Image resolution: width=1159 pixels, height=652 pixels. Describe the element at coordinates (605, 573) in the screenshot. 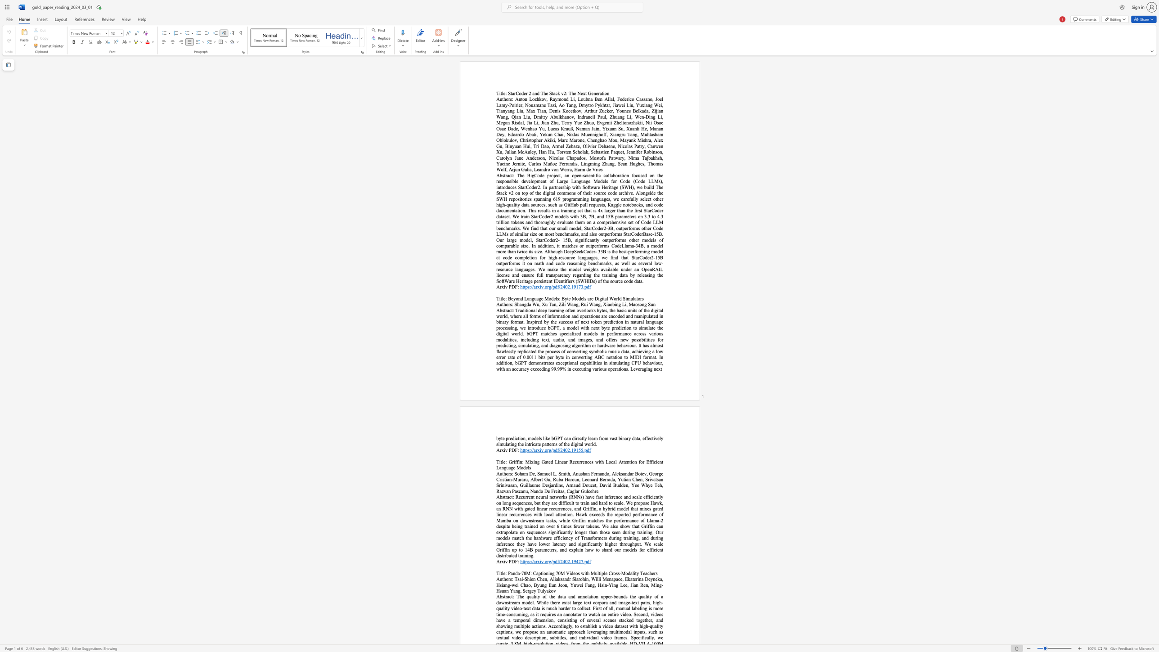

I see `the subset text "e Cross-Modality" within the text "Panda-70M: Captioning 70M Videos with Multiple Cross-Modality Teachers"` at that location.